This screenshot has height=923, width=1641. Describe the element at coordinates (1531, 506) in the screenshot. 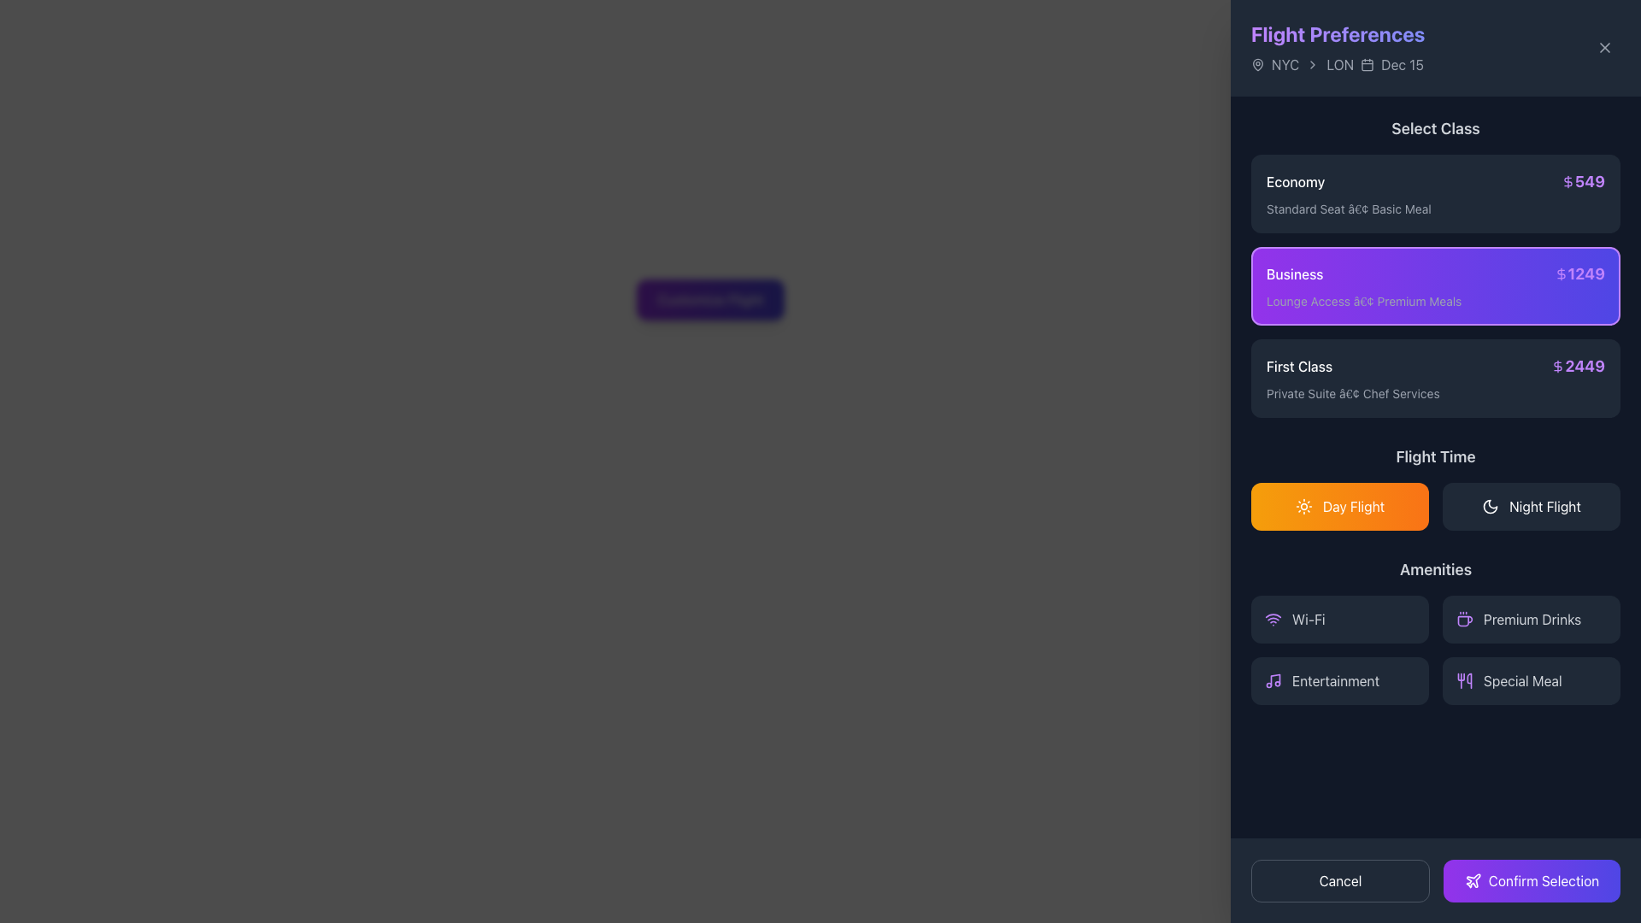

I see `the 'Night Flight' button, which is a rectangular button with a crescent moon icon and the label 'Night Flight', located in the 'Flight Time' section` at that location.